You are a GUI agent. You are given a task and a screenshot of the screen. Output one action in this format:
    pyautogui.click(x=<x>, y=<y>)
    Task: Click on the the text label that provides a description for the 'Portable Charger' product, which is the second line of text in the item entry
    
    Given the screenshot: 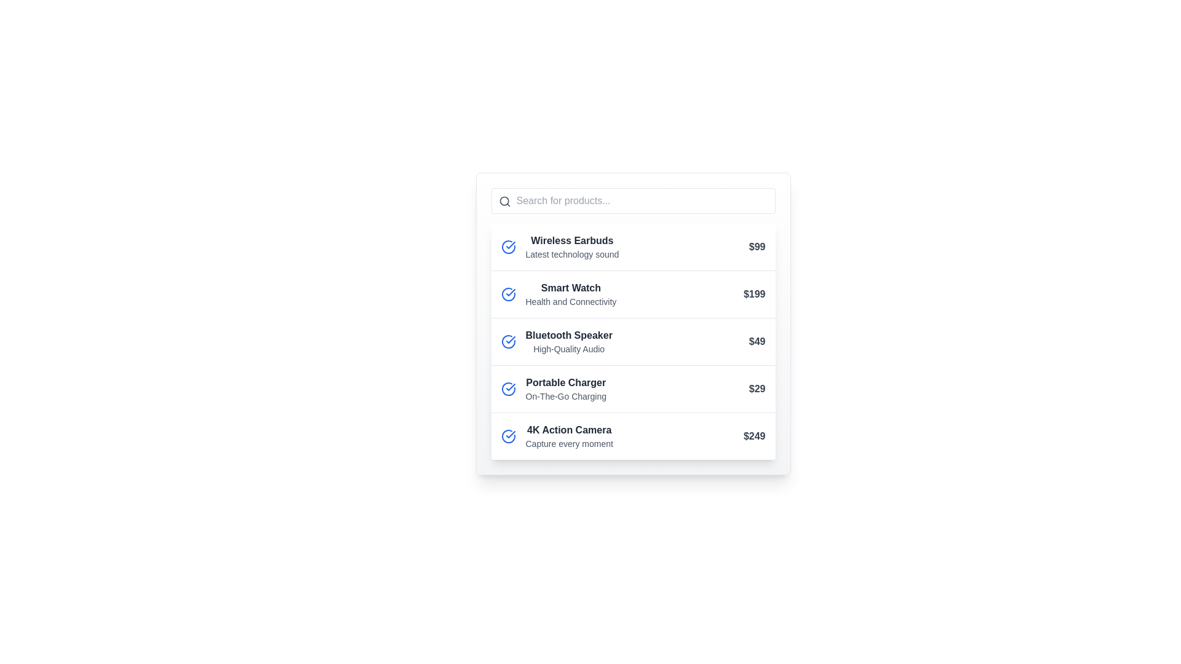 What is the action you would take?
    pyautogui.click(x=565, y=396)
    